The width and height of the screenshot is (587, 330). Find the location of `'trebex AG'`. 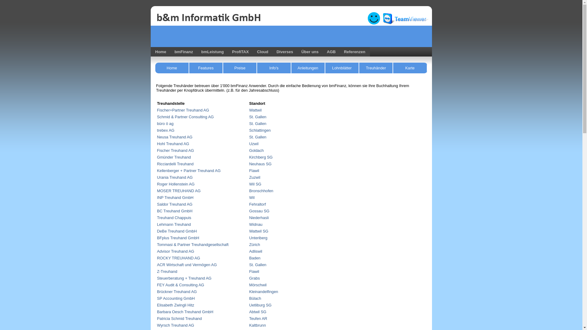

'trebex AG' is located at coordinates (166, 130).